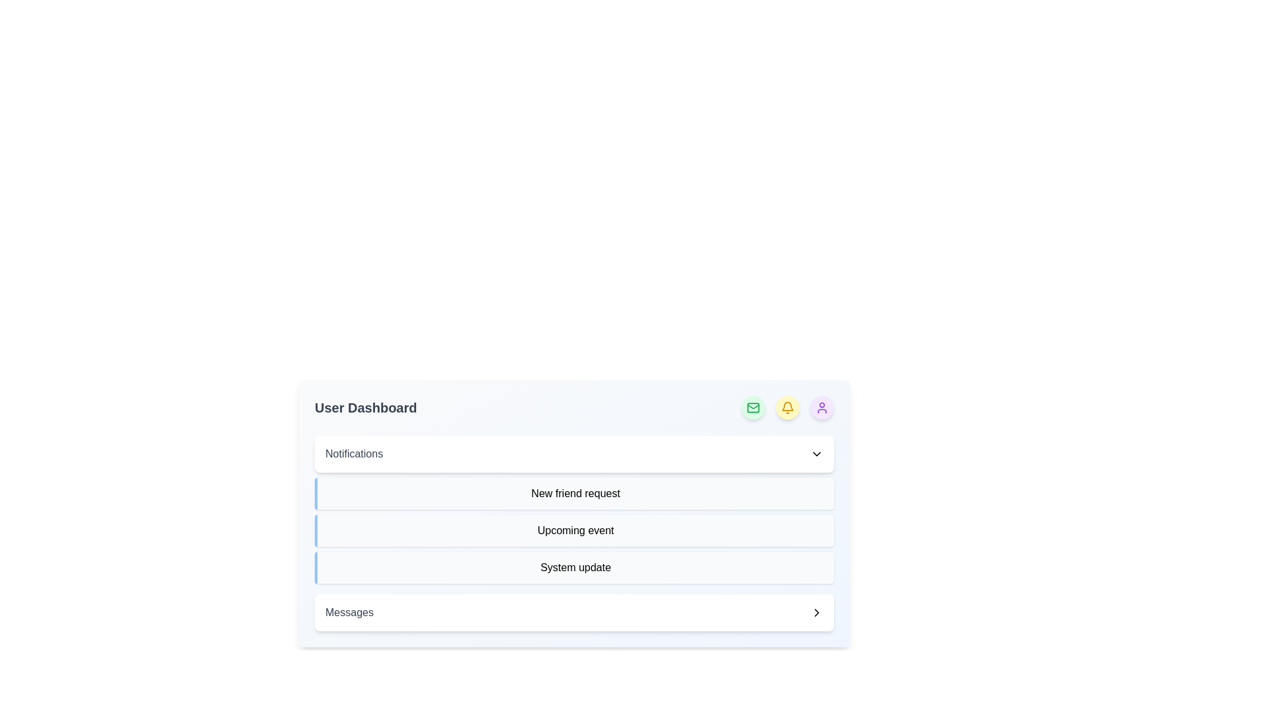  I want to click on text from the notification item labeled 'Upcoming event', which is the second item in the notifications list on the User Dashboard, so click(574, 530).